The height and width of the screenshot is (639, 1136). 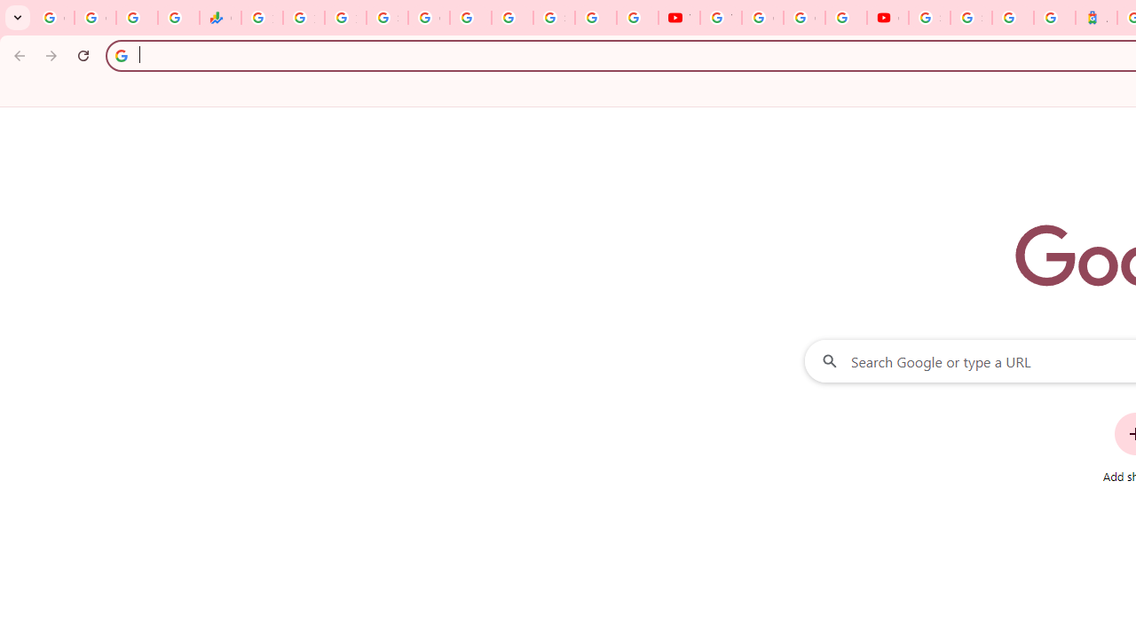 I want to click on 'Sign in - Google Accounts', so click(x=970, y=18).